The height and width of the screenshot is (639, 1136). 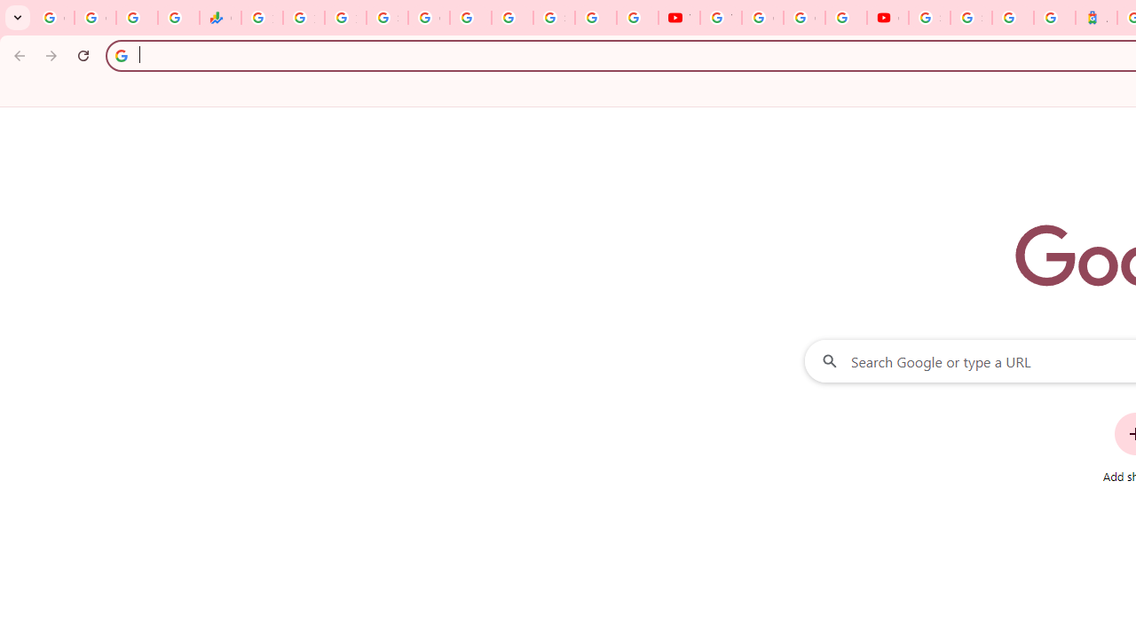 I want to click on 'Sign in - Google Accounts', so click(x=970, y=18).